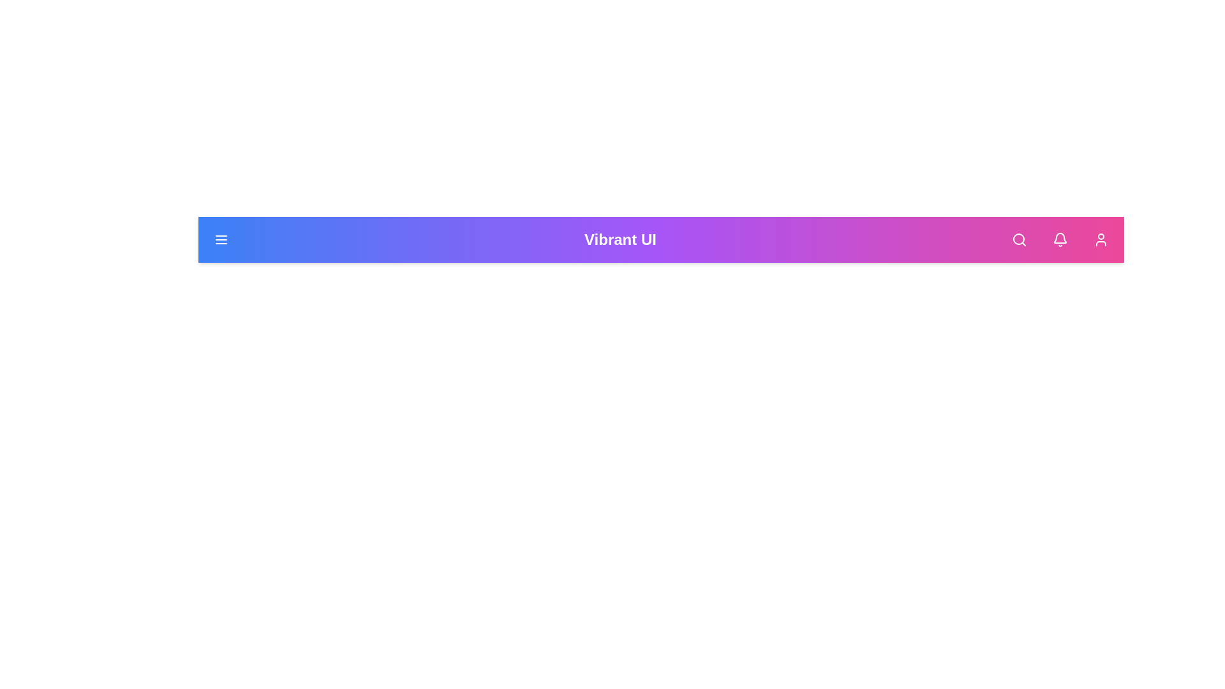 This screenshot has width=1225, height=689. What do you see at coordinates (1018, 239) in the screenshot?
I see `the magnifying glass icon to initiate a search action` at bounding box center [1018, 239].